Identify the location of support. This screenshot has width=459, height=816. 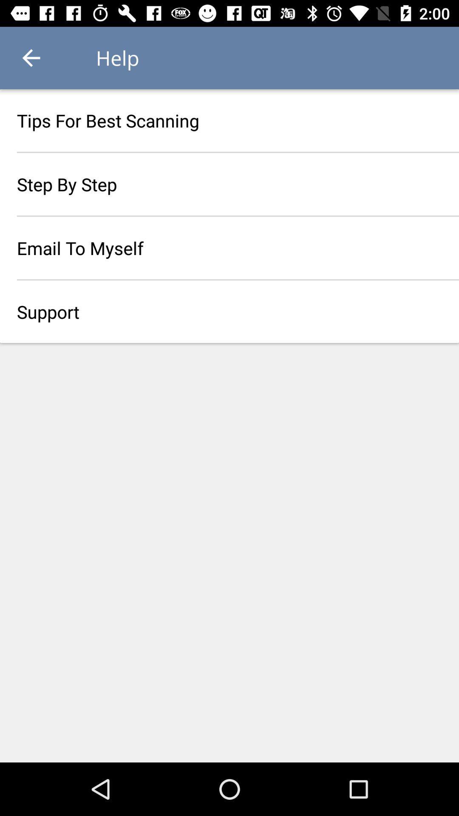
(229, 311).